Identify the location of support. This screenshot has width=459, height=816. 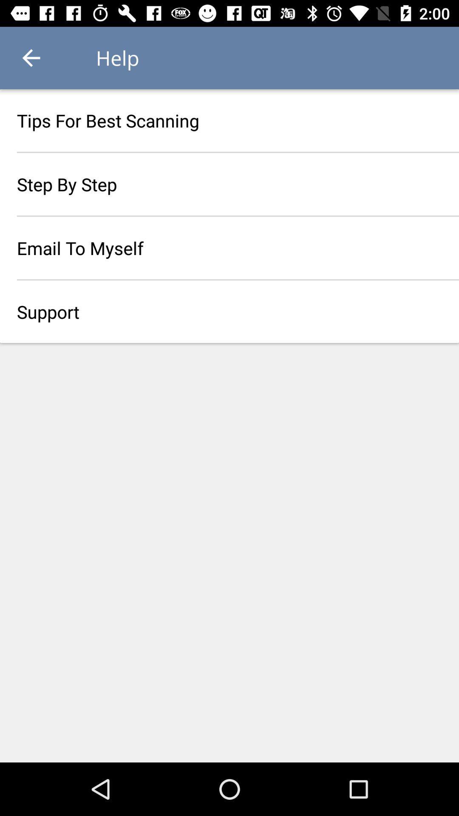
(229, 311).